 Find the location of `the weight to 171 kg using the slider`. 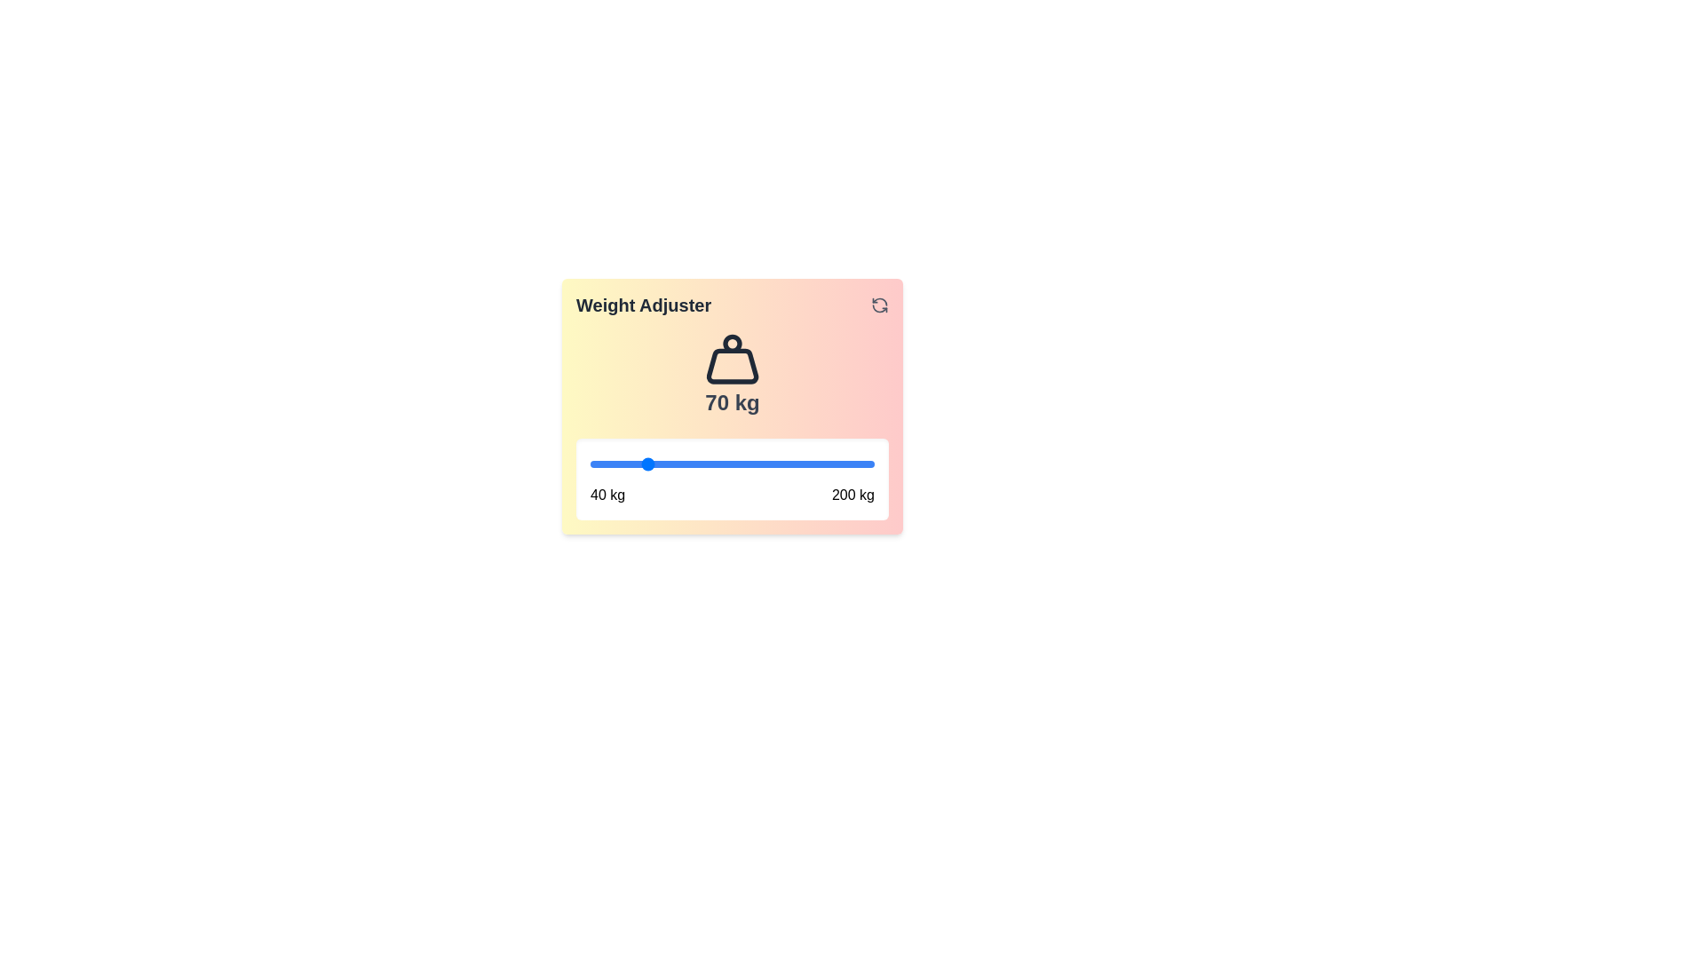

the weight to 171 kg using the slider is located at coordinates (821, 464).